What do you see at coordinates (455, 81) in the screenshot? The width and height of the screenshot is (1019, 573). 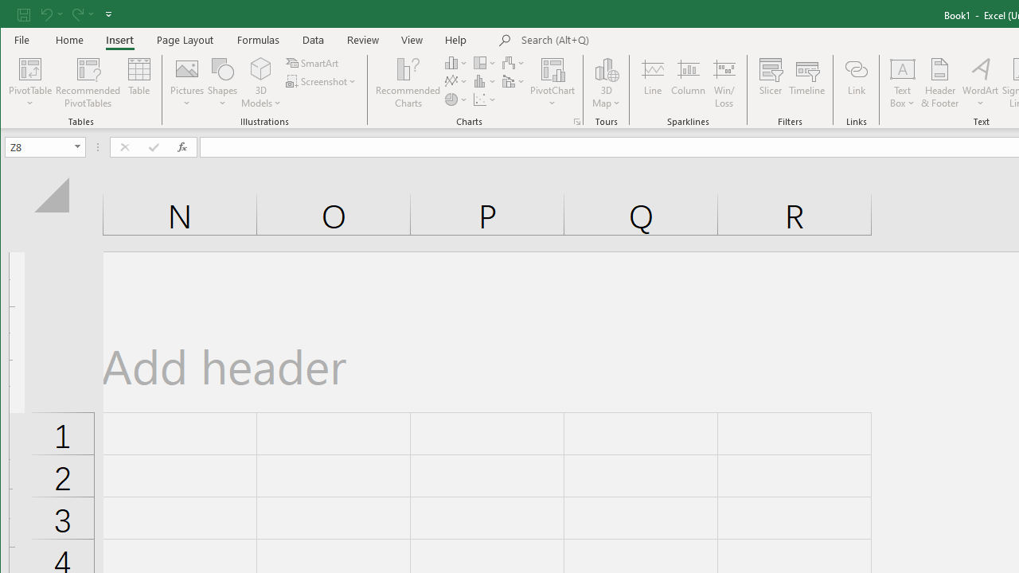 I see `'Insert Line or Area Chart'` at bounding box center [455, 81].